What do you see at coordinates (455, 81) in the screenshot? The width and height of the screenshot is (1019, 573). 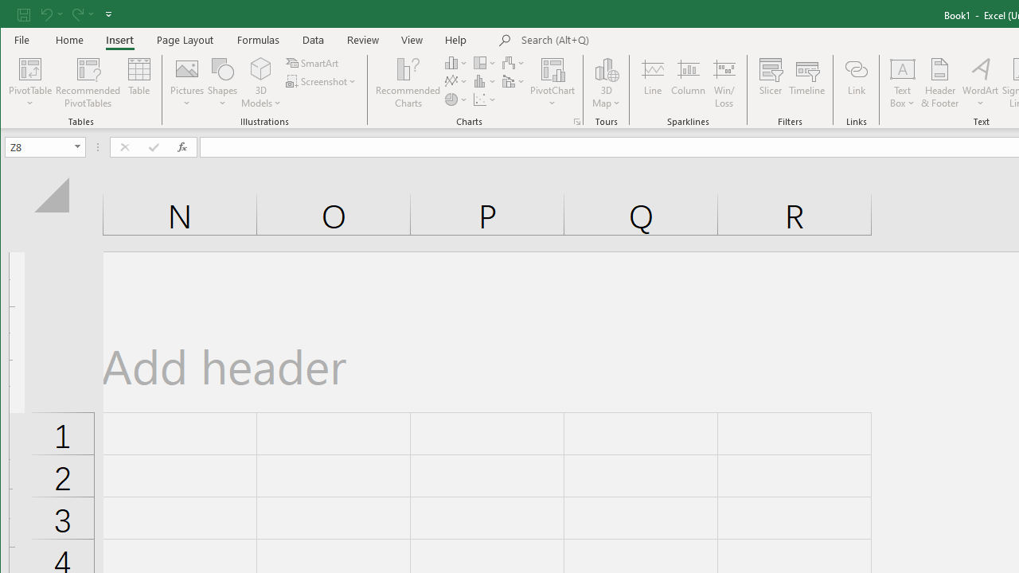 I see `'Insert Line or Area Chart'` at bounding box center [455, 81].